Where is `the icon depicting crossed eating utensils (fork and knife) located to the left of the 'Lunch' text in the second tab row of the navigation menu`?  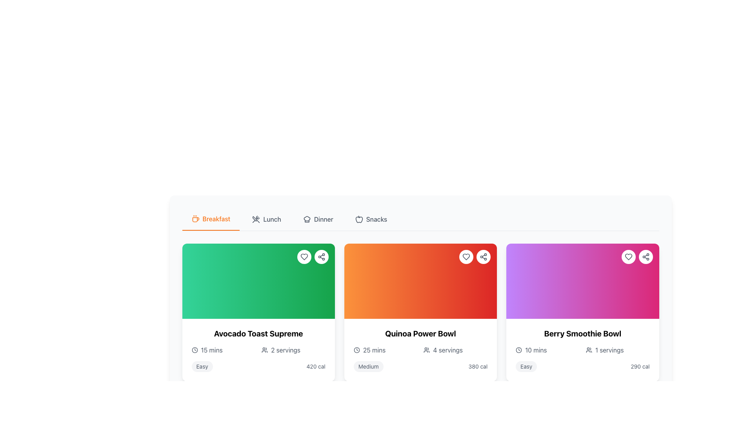
the icon depicting crossed eating utensils (fork and knife) located to the left of the 'Lunch' text in the second tab row of the navigation menu is located at coordinates (256, 219).